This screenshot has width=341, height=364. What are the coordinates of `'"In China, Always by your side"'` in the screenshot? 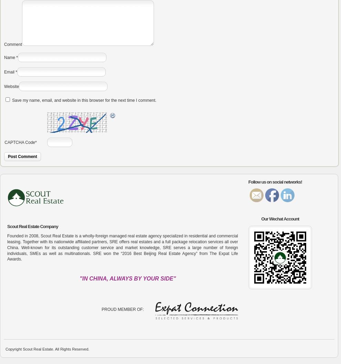 It's located at (127, 278).